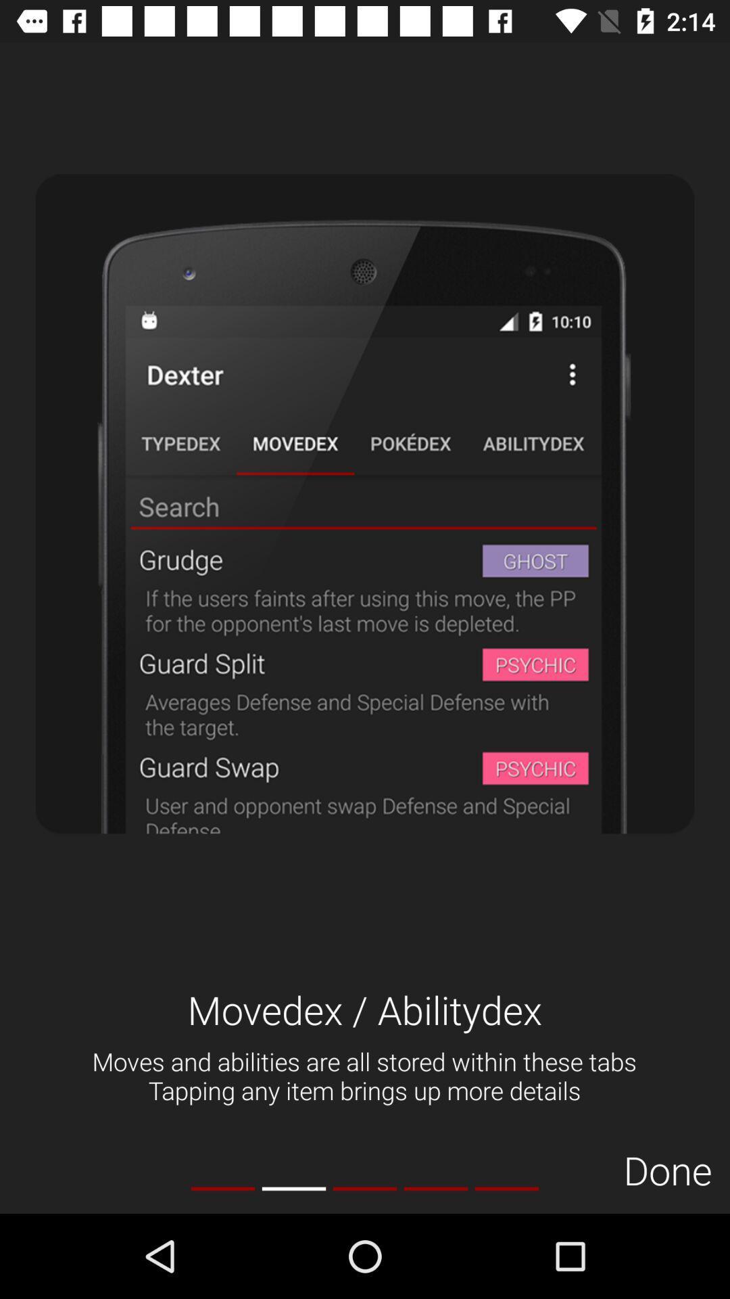 The height and width of the screenshot is (1299, 730). What do you see at coordinates (506, 1188) in the screenshot?
I see `the icon next to done icon` at bounding box center [506, 1188].